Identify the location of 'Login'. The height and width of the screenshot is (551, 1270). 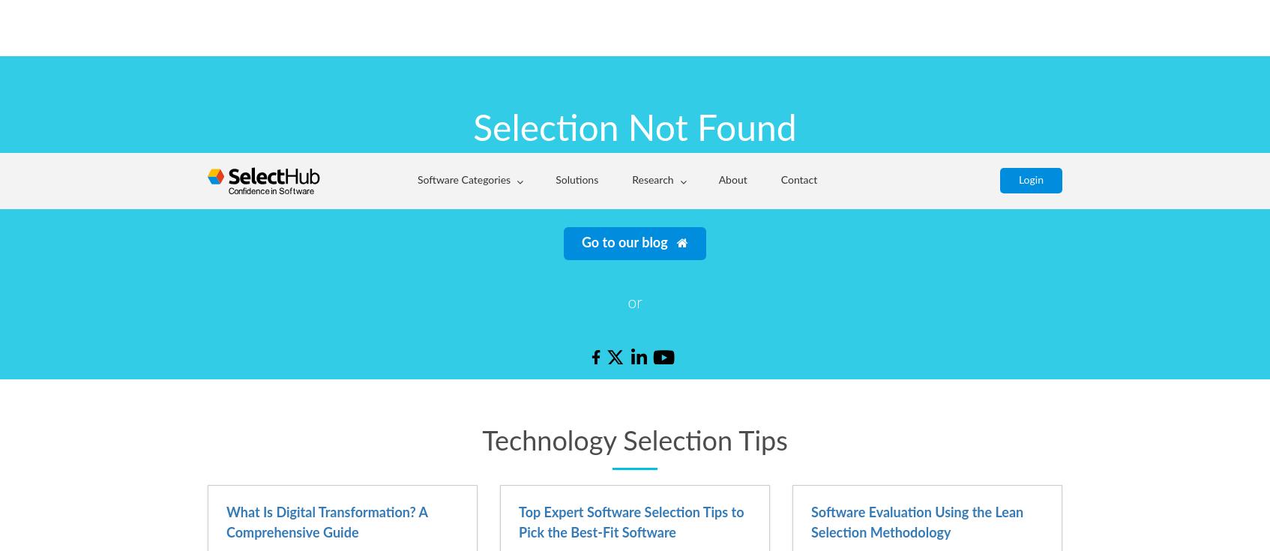
(1030, 26).